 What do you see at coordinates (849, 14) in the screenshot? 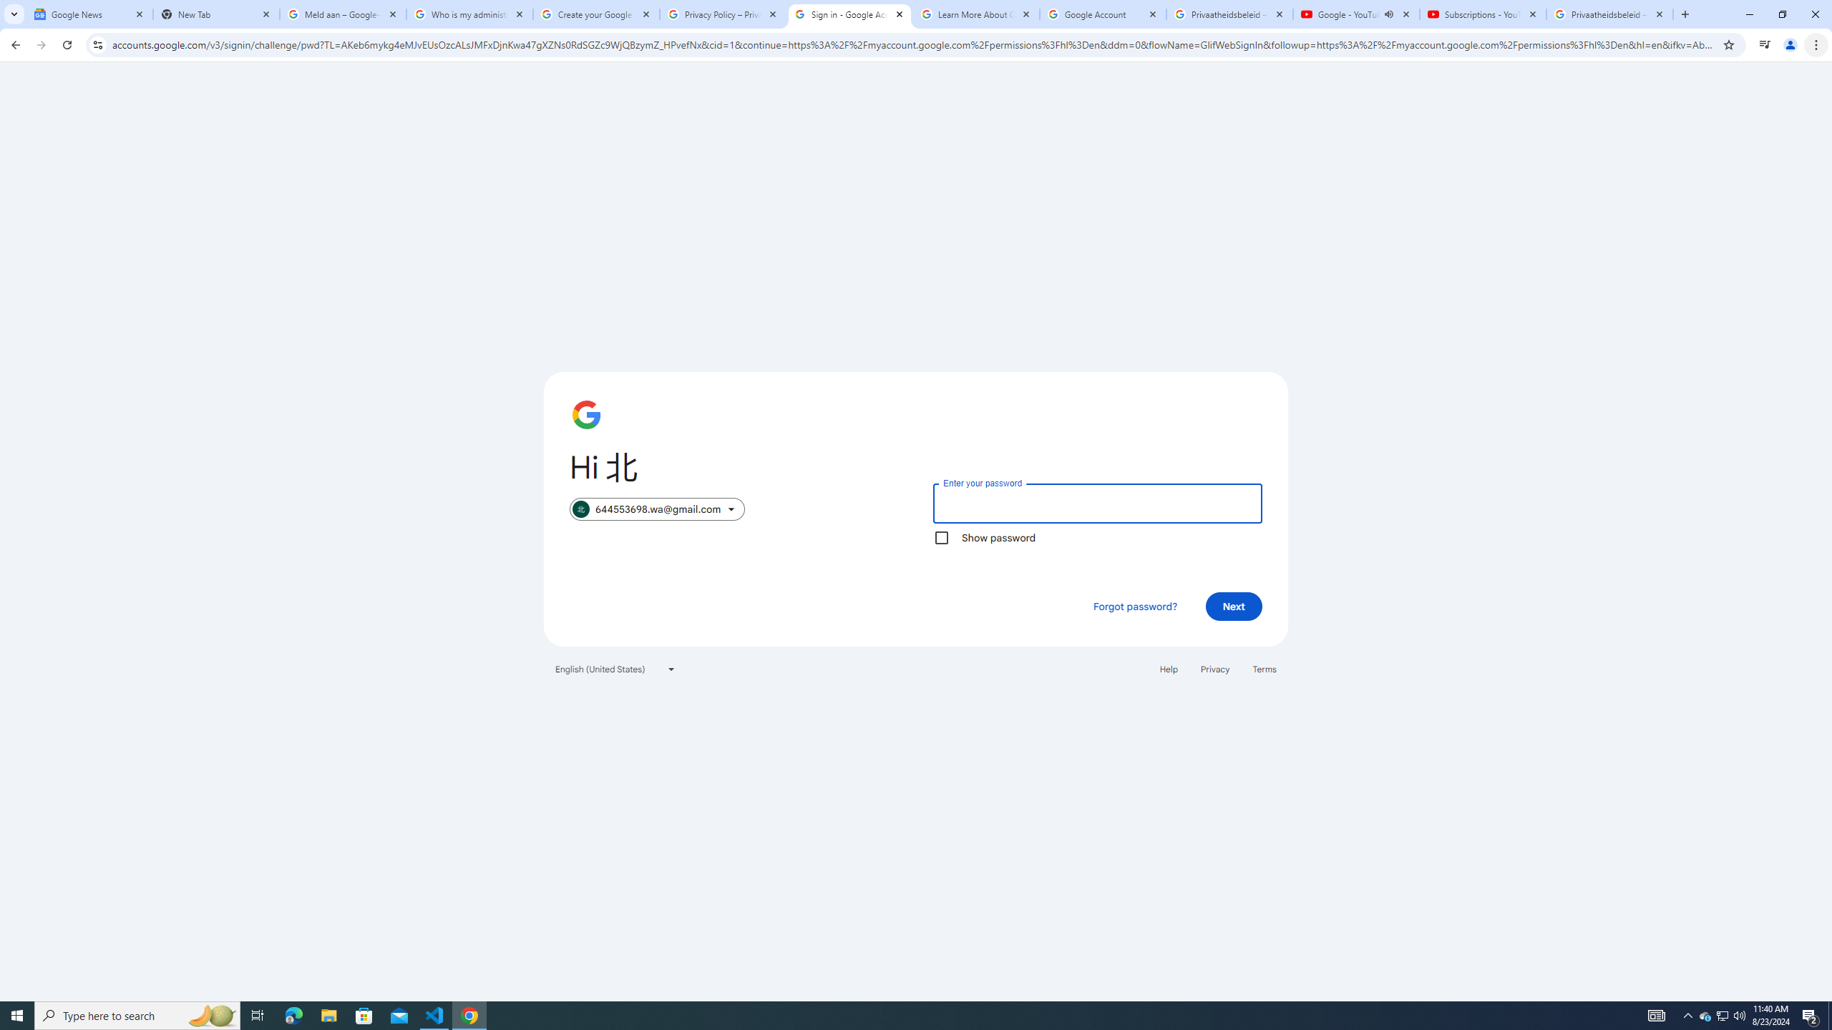
I see `'Sign in - Google Accounts'` at bounding box center [849, 14].